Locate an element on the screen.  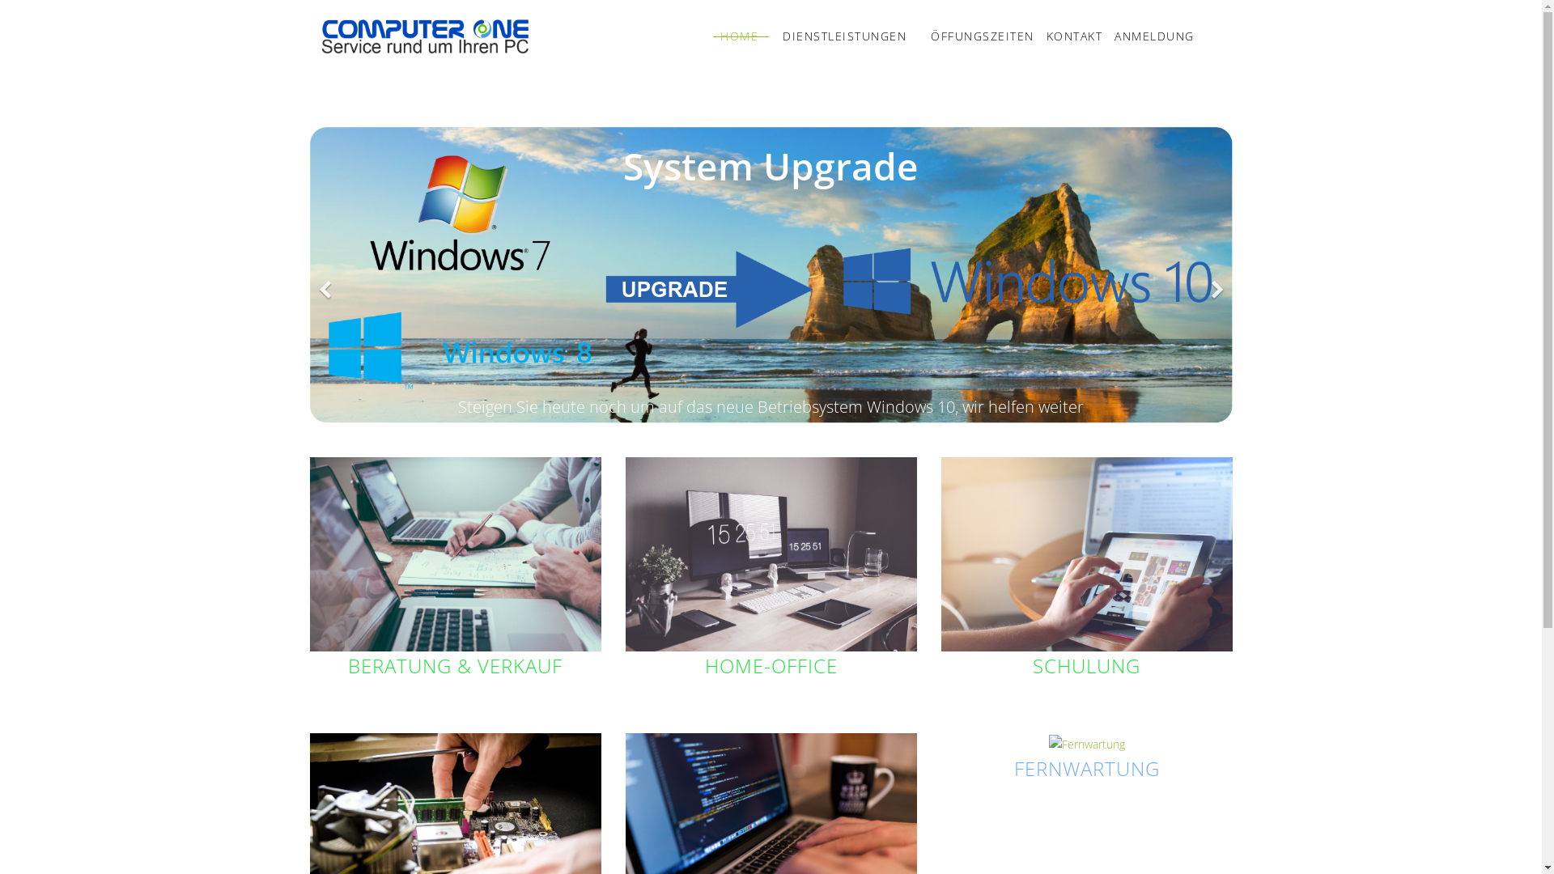
'Fernwartung' is located at coordinates (1087, 745).